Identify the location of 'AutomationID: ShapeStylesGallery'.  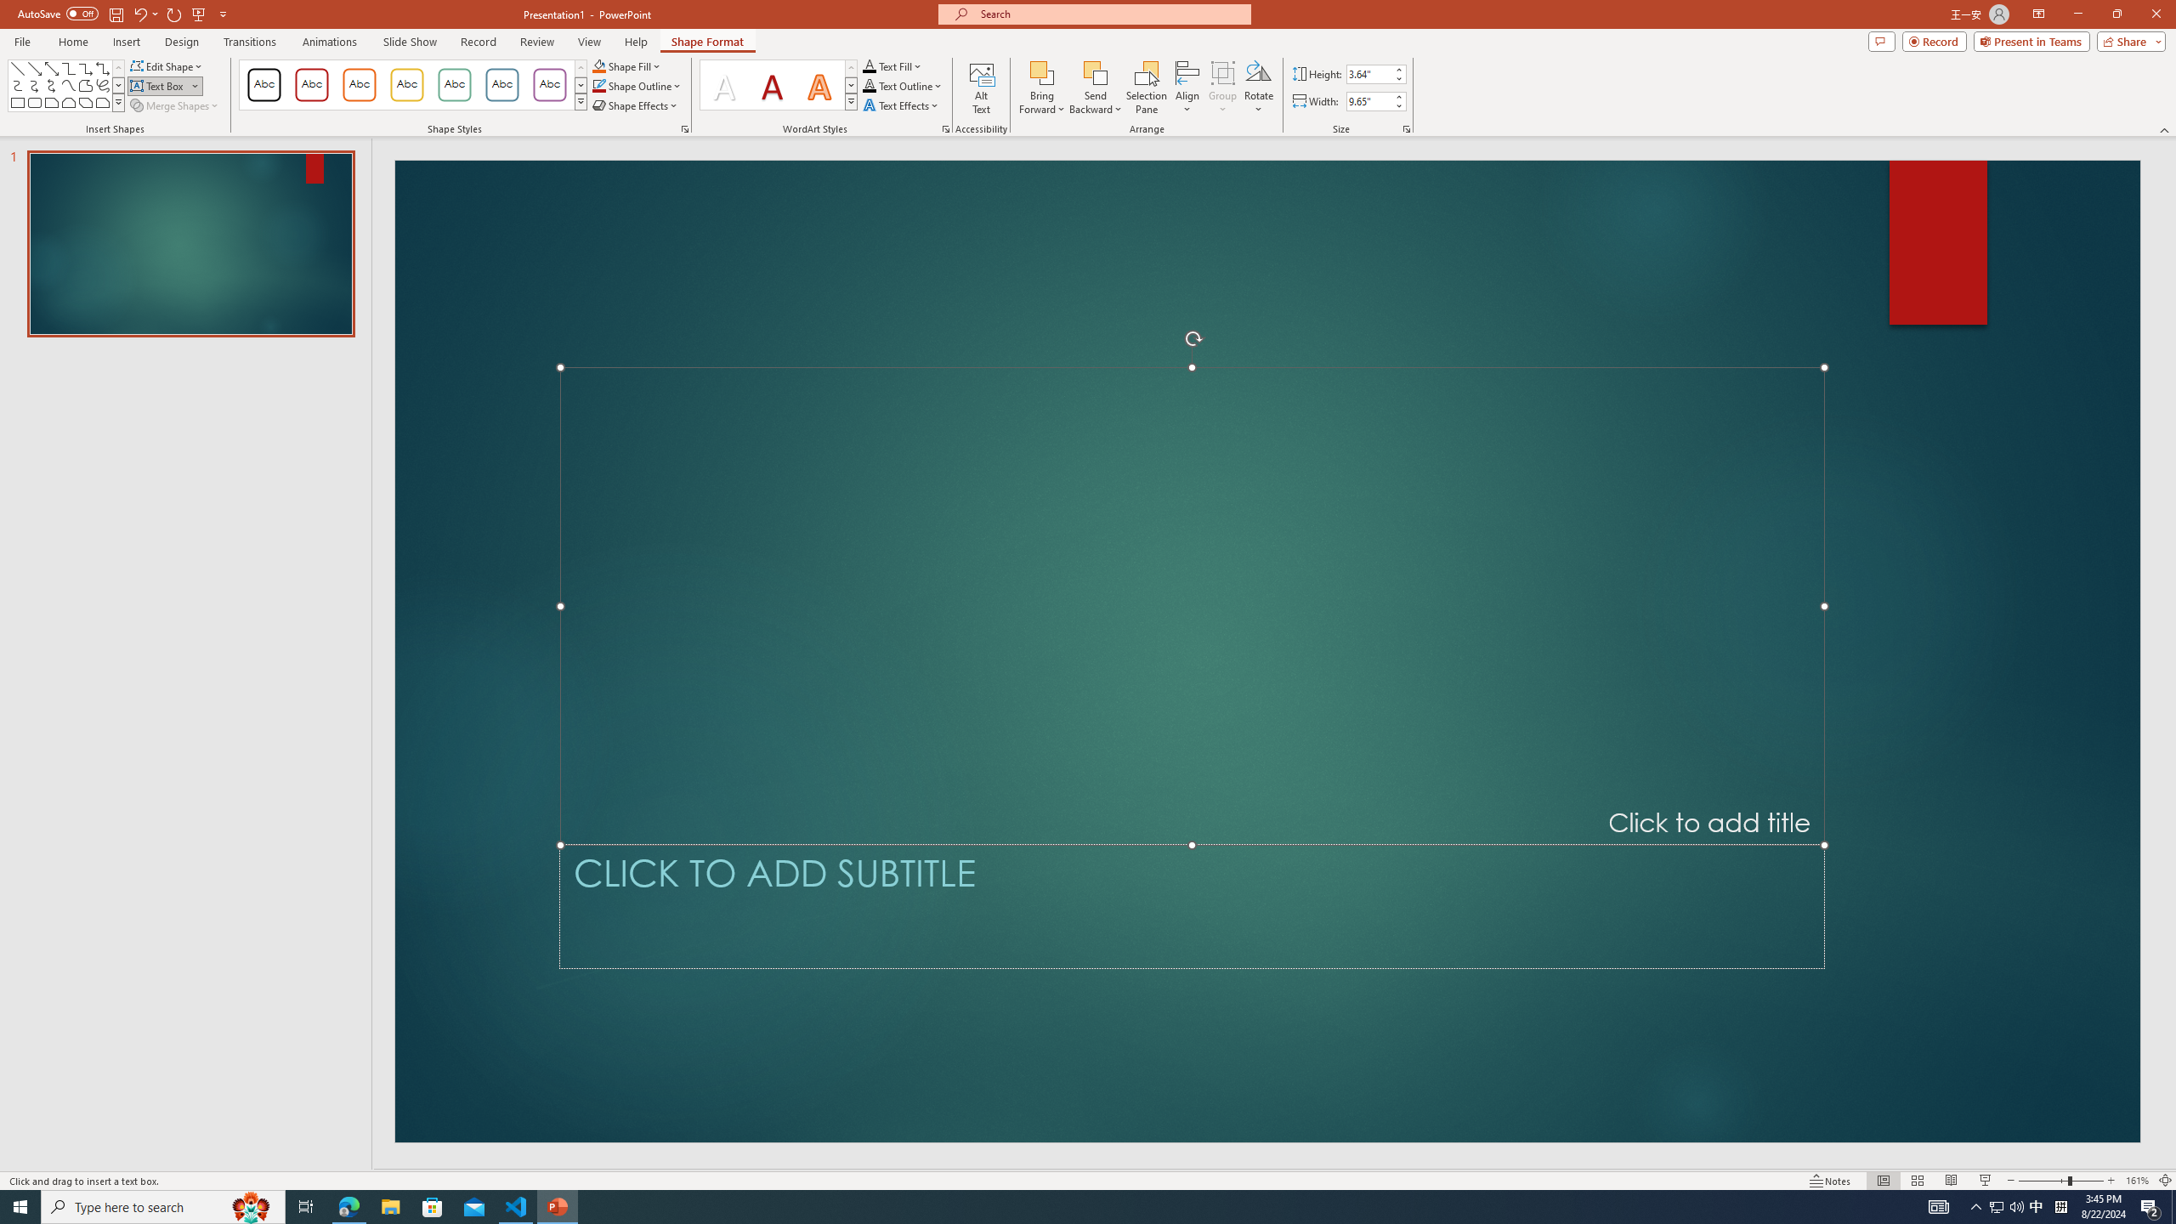
(412, 84).